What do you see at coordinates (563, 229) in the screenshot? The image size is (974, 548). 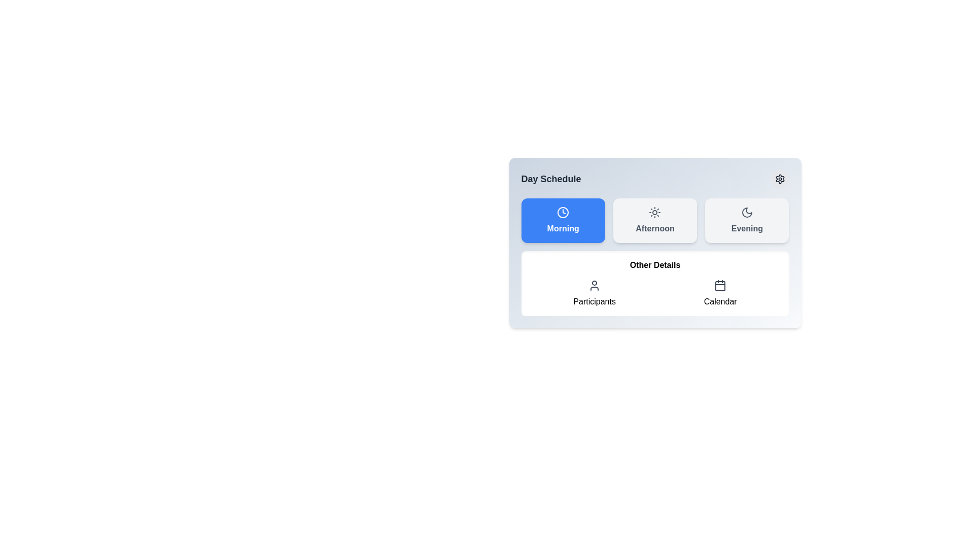 I see `or read the text displayed in the 'Morning' text label, which is bold, medium-sized, and white against a vibrant blue background, located in the top-left corner of the 'Day Schedule' panel` at bounding box center [563, 229].